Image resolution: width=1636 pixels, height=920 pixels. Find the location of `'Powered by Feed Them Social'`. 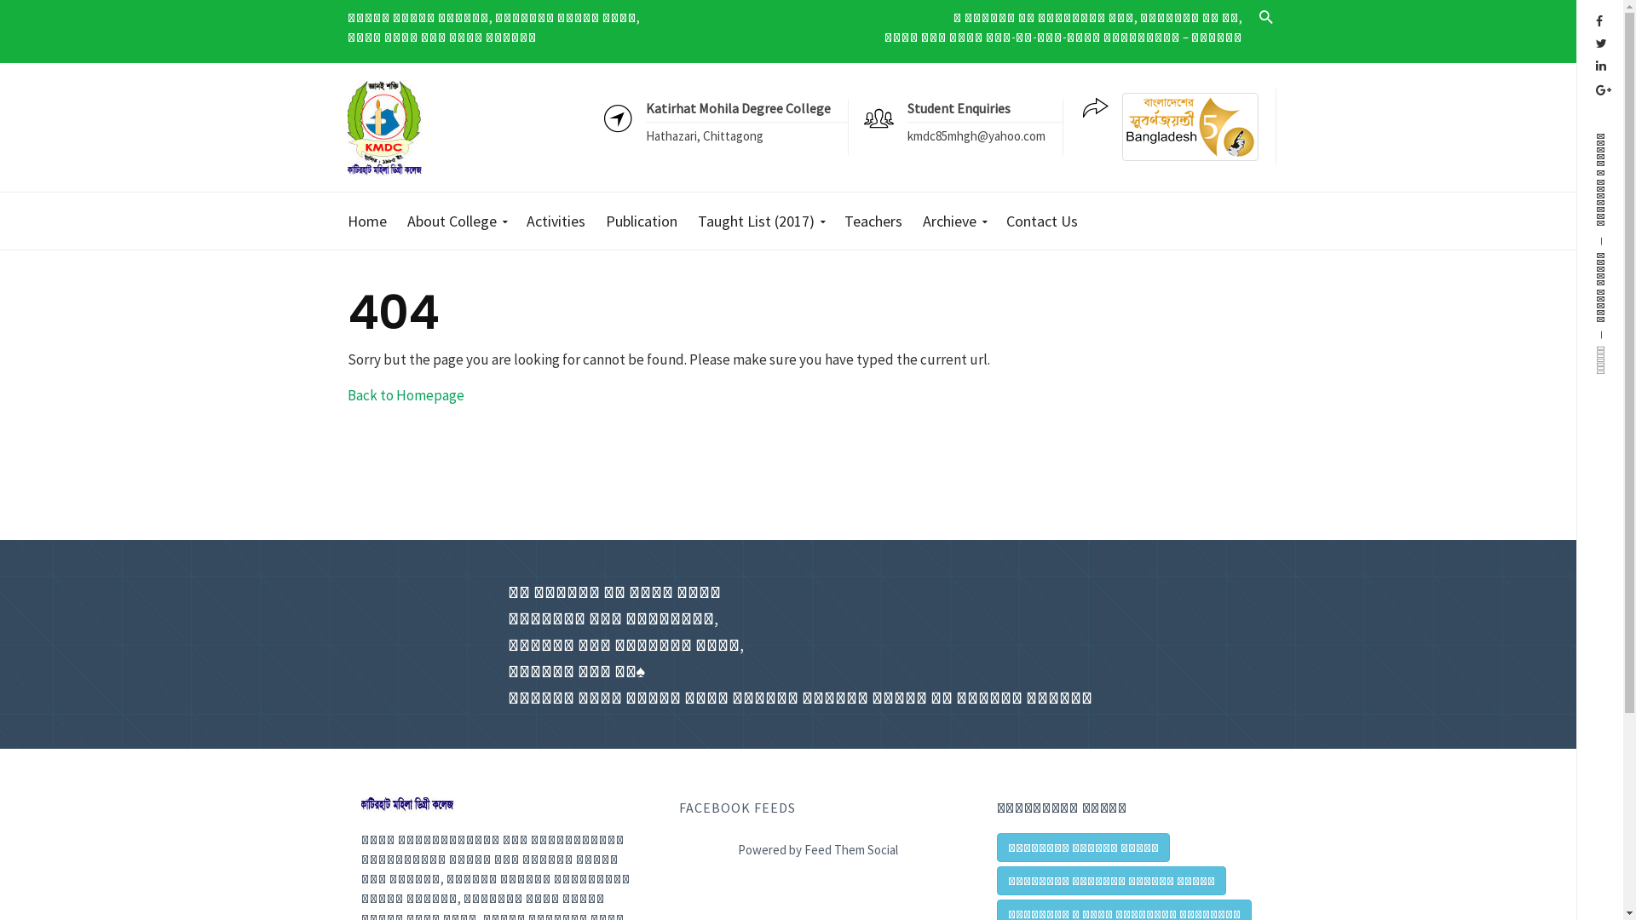

'Powered by Feed Them Social' is located at coordinates (677, 846).